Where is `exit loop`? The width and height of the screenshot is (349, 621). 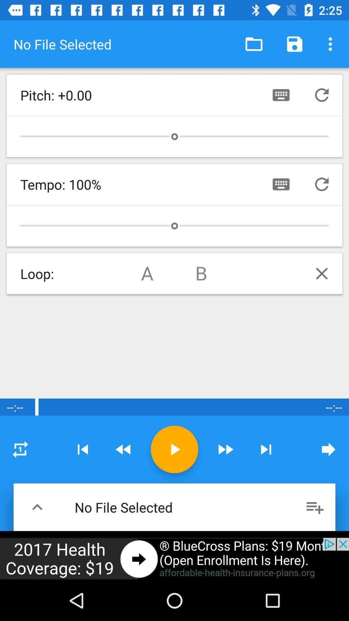 exit loop is located at coordinates (322, 273).